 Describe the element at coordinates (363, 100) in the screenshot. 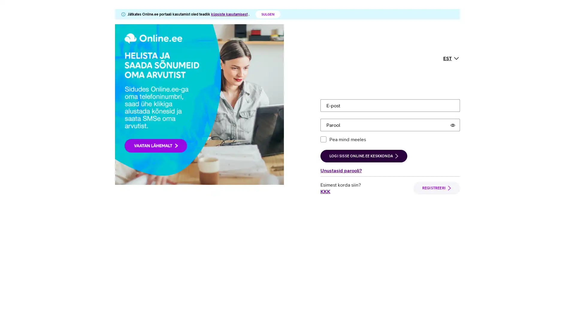

I see `LOGI SISSE ONLINE.EE KESKKONDA` at that location.